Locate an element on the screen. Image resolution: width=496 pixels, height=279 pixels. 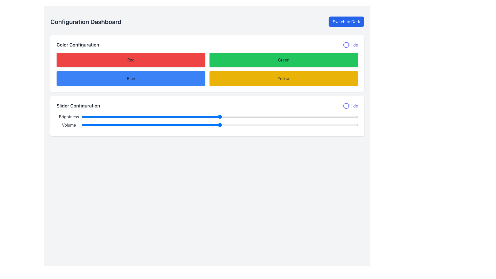
the toggle button in the top-right corner of the 'Color Configuration' section is located at coordinates (351, 44).